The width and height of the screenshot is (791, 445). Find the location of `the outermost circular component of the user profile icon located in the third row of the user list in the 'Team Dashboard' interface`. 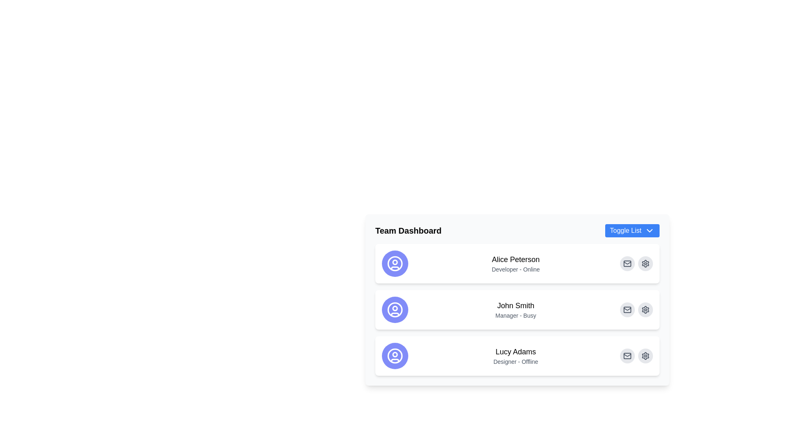

the outermost circular component of the user profile icon located in the third row of the user list in the 'Team Dashboard' interface is located at coordinates (395, 356).